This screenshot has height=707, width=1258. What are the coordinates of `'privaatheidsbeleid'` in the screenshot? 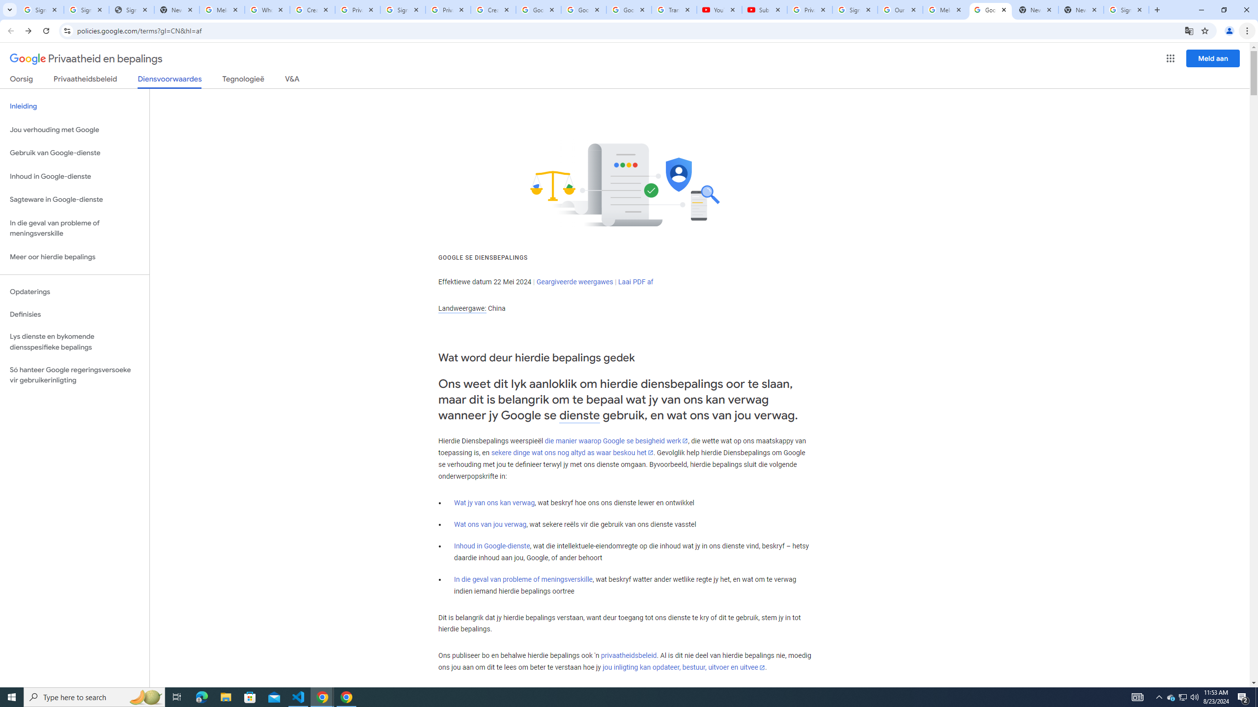 It's located at (628, 656).